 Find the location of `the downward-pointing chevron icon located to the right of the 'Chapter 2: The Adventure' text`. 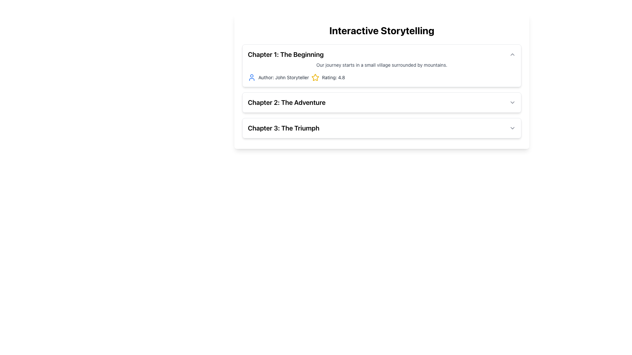

the downward-pointing chevron icon located to the right of the 'Chapter 2: The Adventure' text is located at coordinates (512, 103).